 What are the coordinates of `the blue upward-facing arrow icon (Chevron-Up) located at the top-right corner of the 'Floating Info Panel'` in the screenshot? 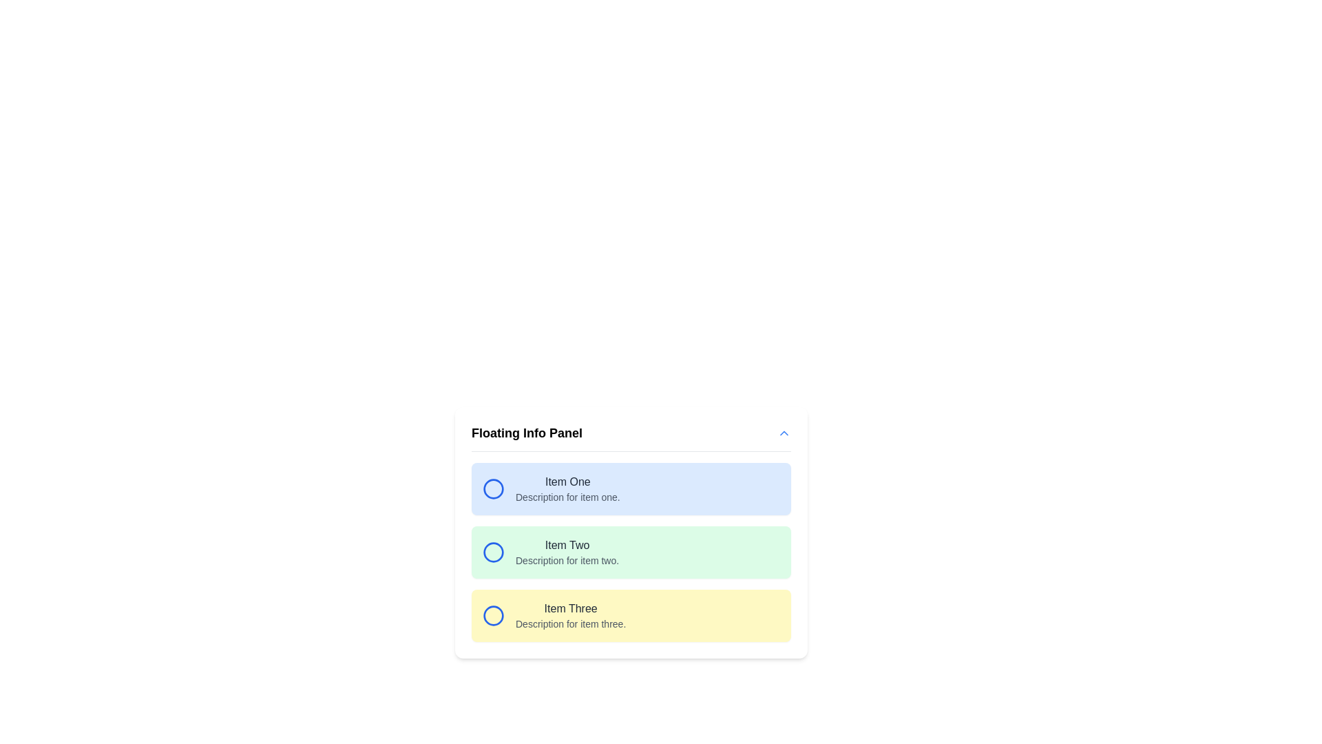 It's located at (784, 432).